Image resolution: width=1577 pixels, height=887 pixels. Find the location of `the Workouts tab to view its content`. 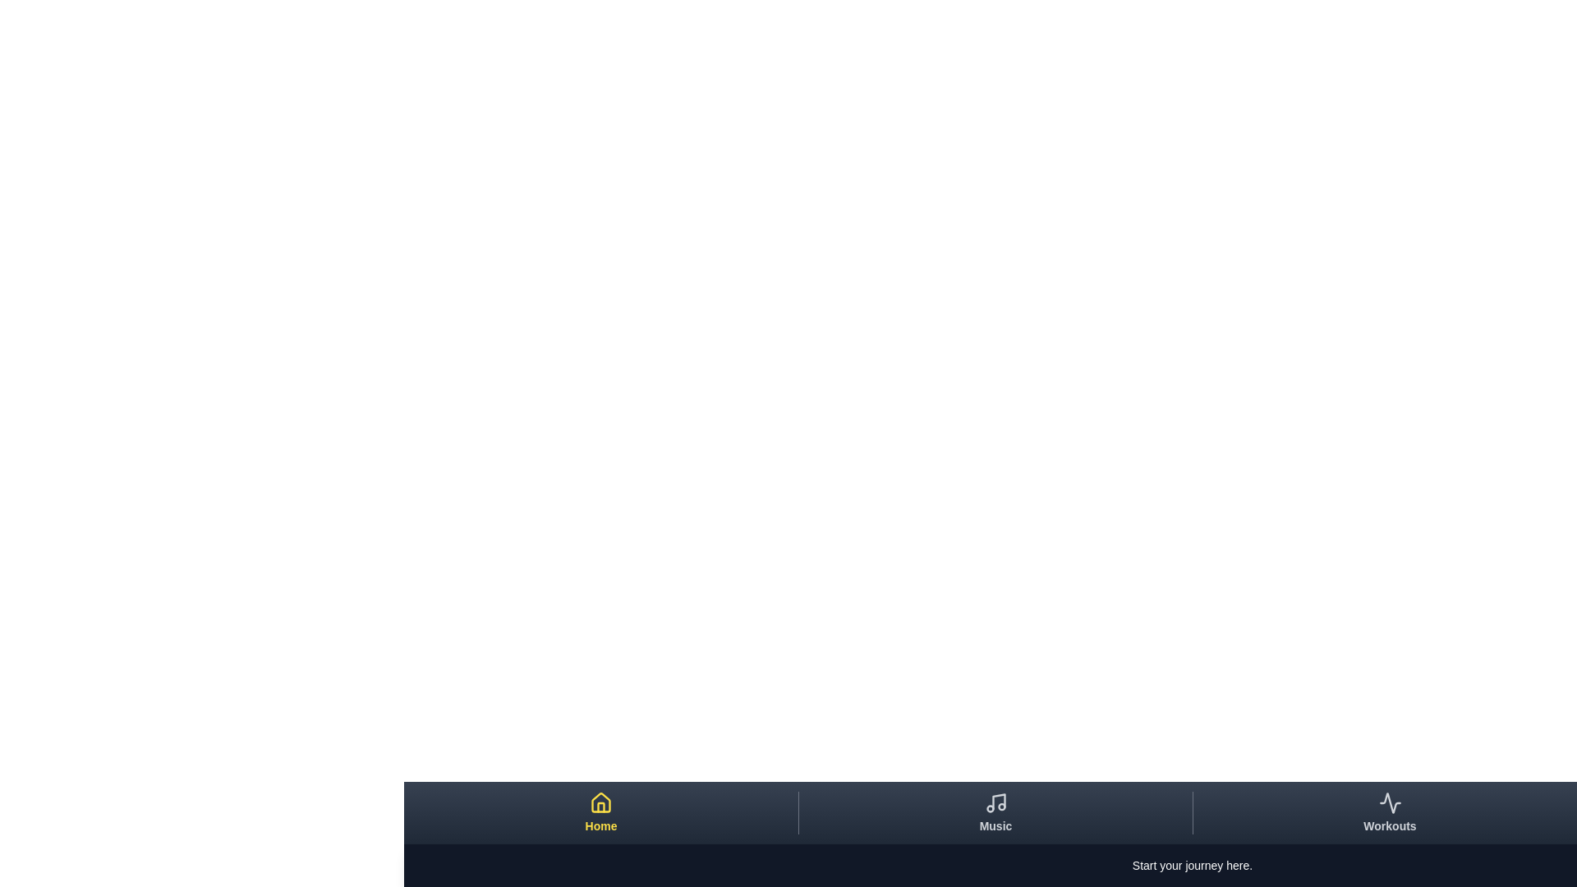

the Workouts tab to view its content is located at coordinates (1388, 813).